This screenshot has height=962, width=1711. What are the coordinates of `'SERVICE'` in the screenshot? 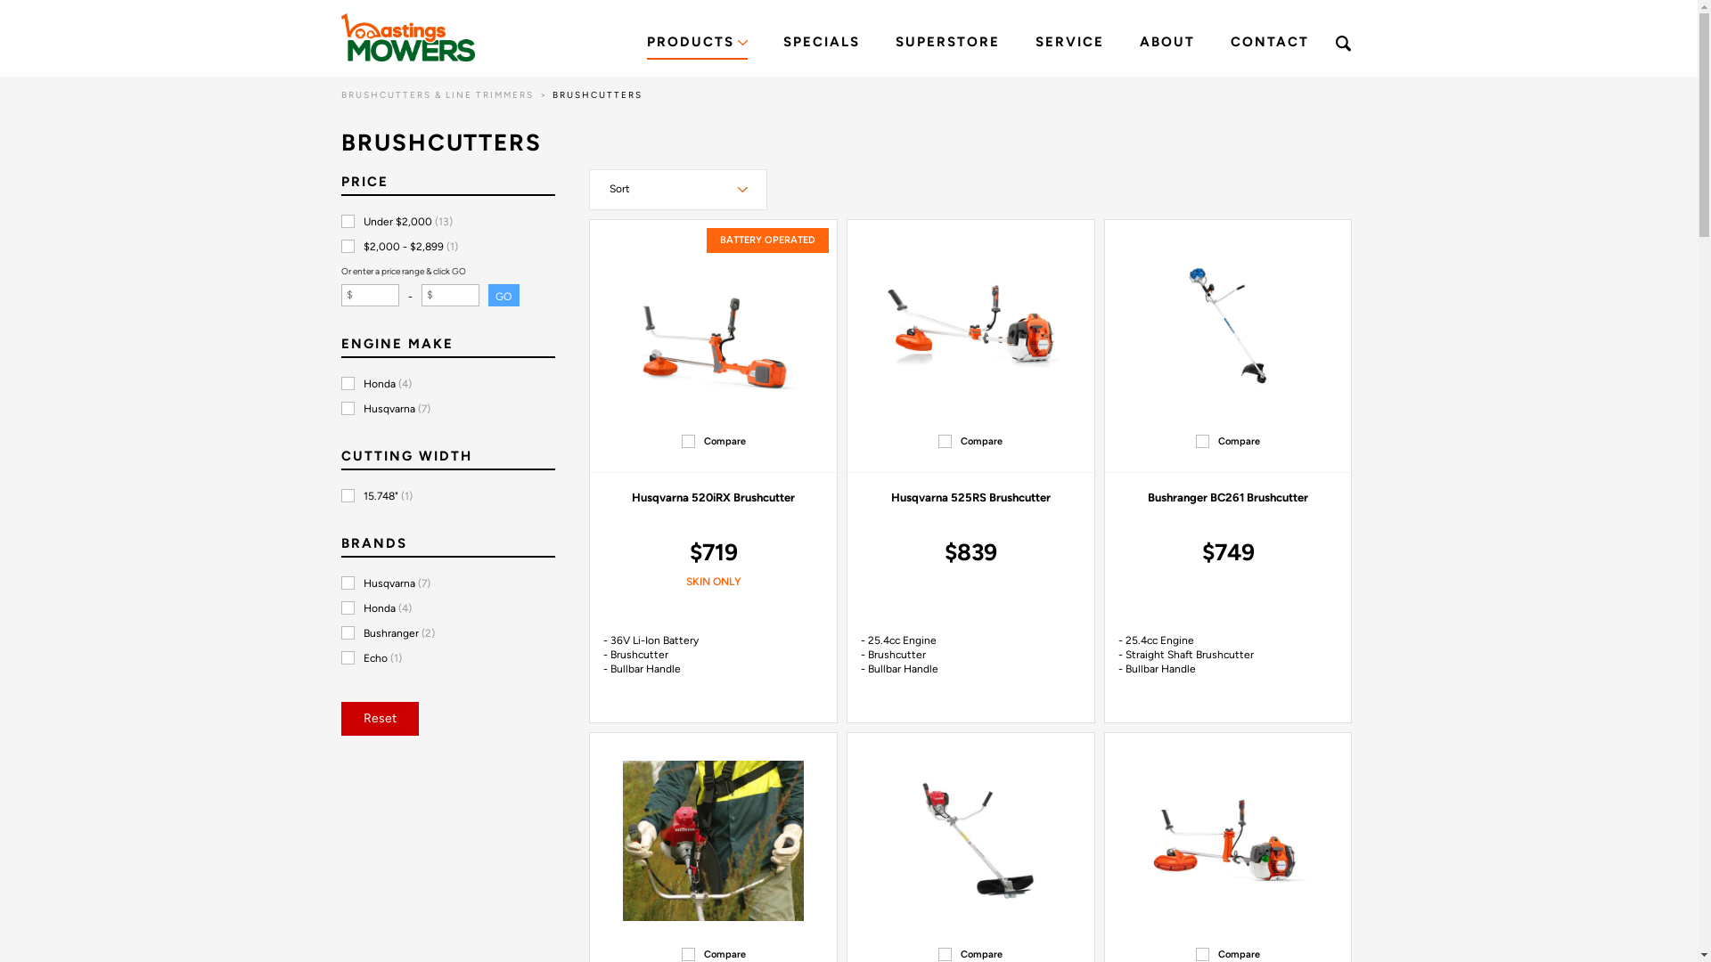 It's located at (1069, 44).